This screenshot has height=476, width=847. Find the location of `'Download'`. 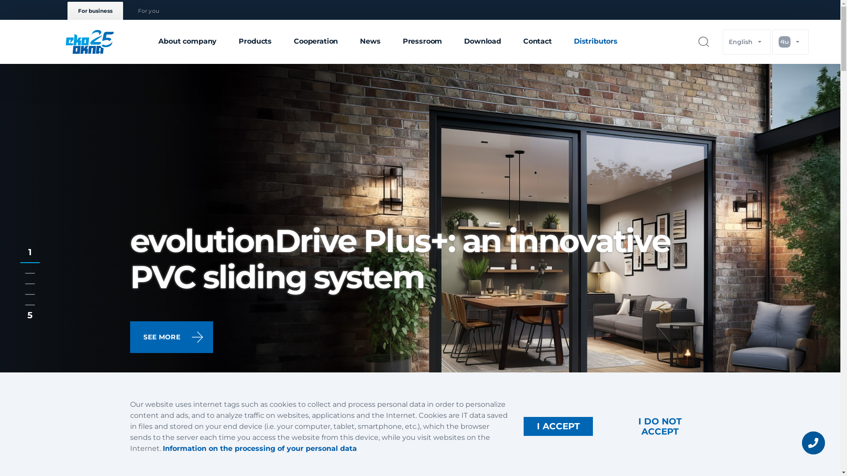

'Download' is located at coordinates (482, 42).